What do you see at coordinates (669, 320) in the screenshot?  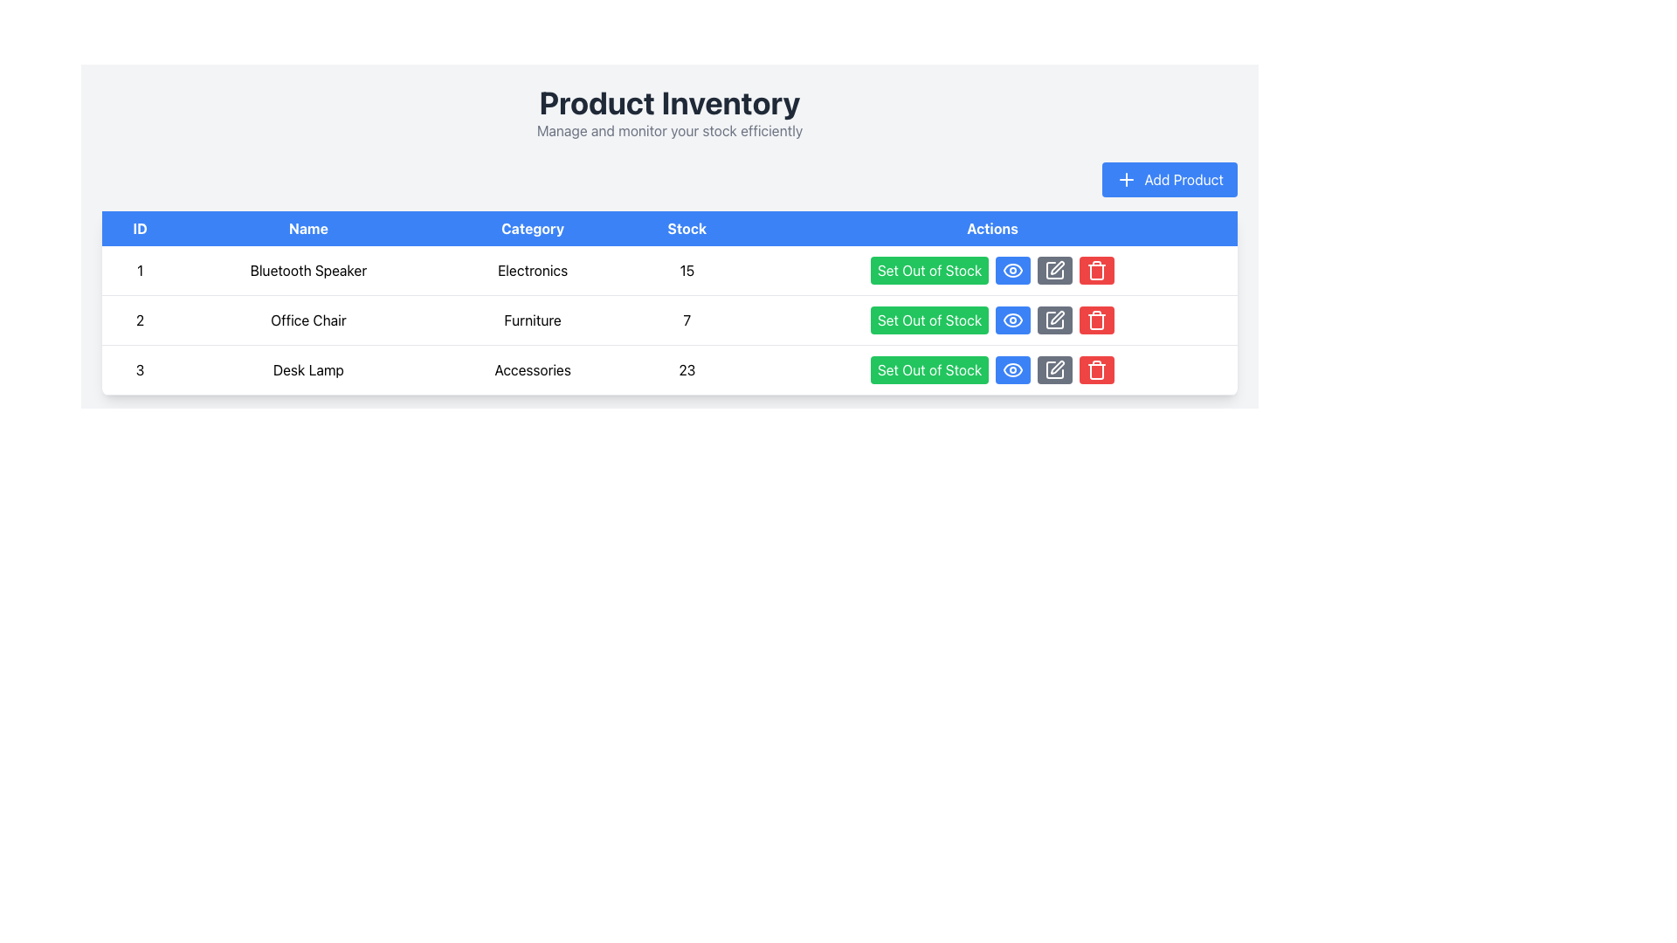 I see `the table row containing product information that displays details about a product, situated between 'Bluetooth Speaker' and 'Desk Lamp'` at bounding box center [669, 320].